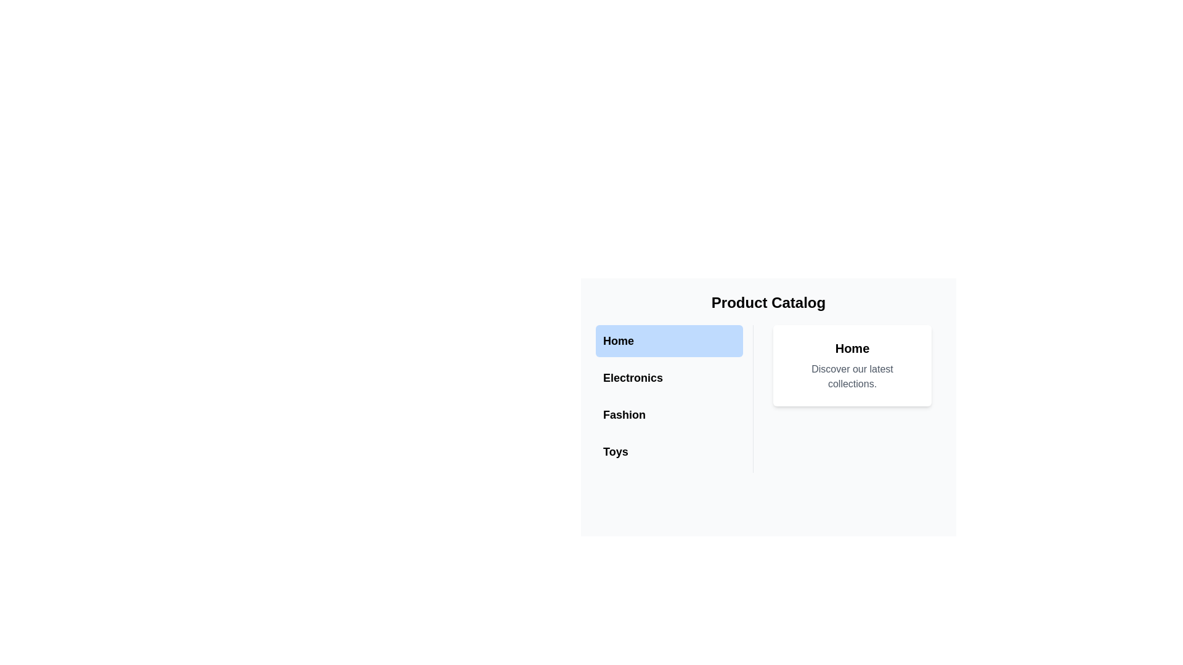 The width and height of the screenshot is (1183, 665). What do you see at coordinates (852, 349) in the screenshot?
I see `text of the header label located at the top-right section of the interface, directly above the text 'Discover our latest collections.'` at bounding box center [852, 349].